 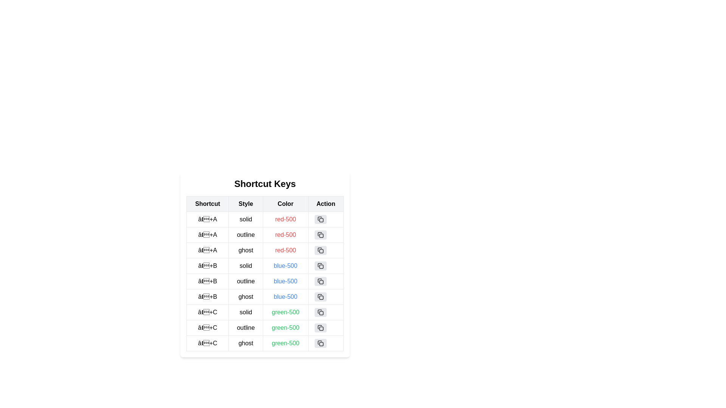 What do you see at coordinates (285, 281) in the screenshot?
I see `the text label displaying 'blue-500' in the Color column of the table, associated with the shortcut '⌘+B' and style 'outline'` at bounding box center [285, 281].